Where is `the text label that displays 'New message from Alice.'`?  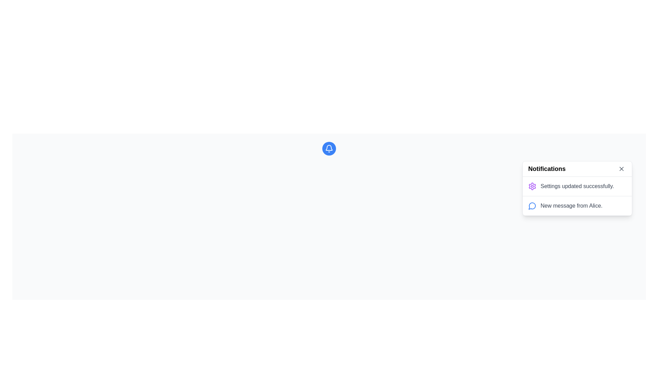
the text label that displays 'New message from Alice.' is located at coordinates (571, 206).